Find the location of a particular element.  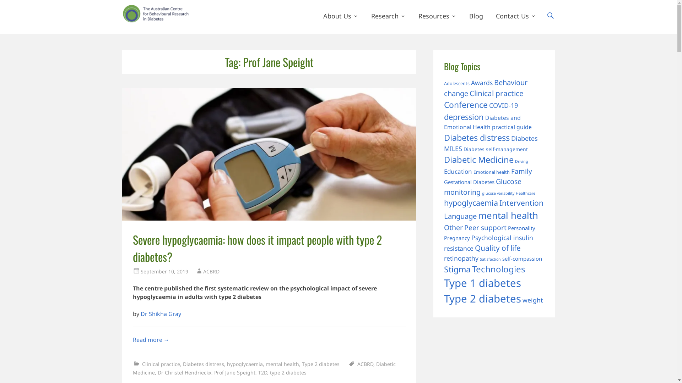

'Quality of life' is located at coordinates (497, 247).